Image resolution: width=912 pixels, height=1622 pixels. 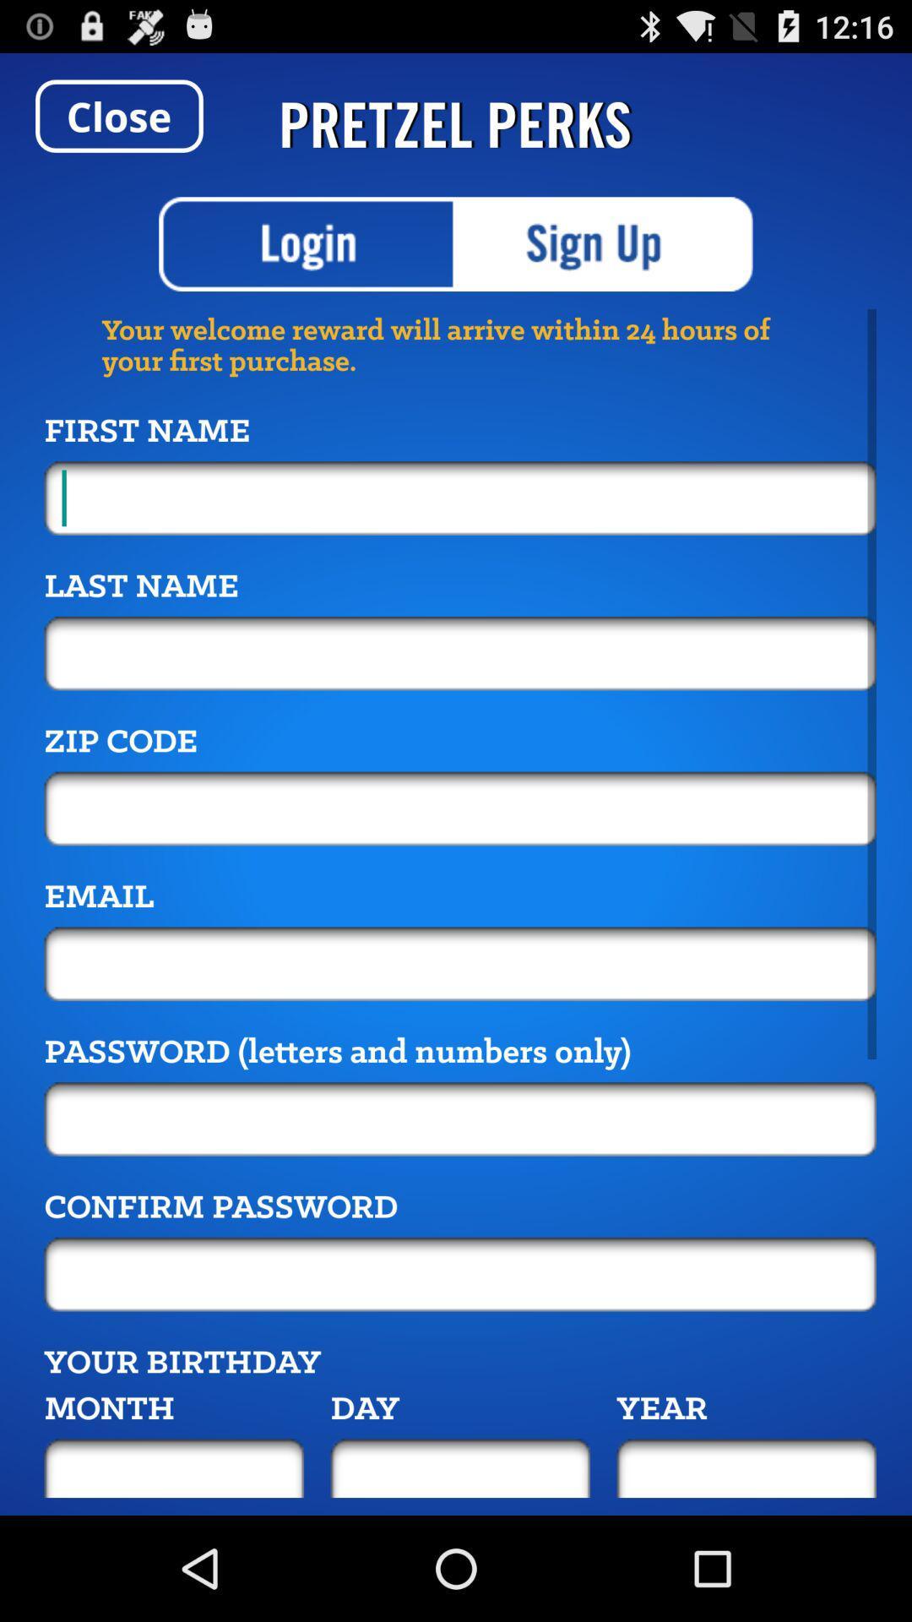 What do you see at coordinates (460, 652) in the screenshot?
I see `your last name` at bounding box center [460, 652].